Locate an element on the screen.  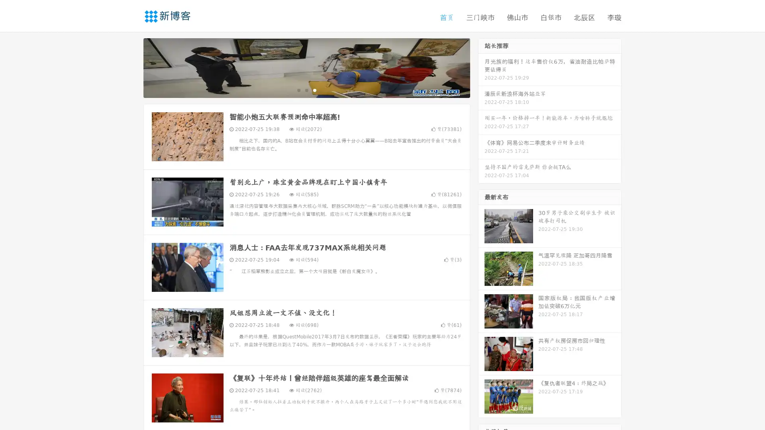
Previous slide is located at coordinates (131, 67).